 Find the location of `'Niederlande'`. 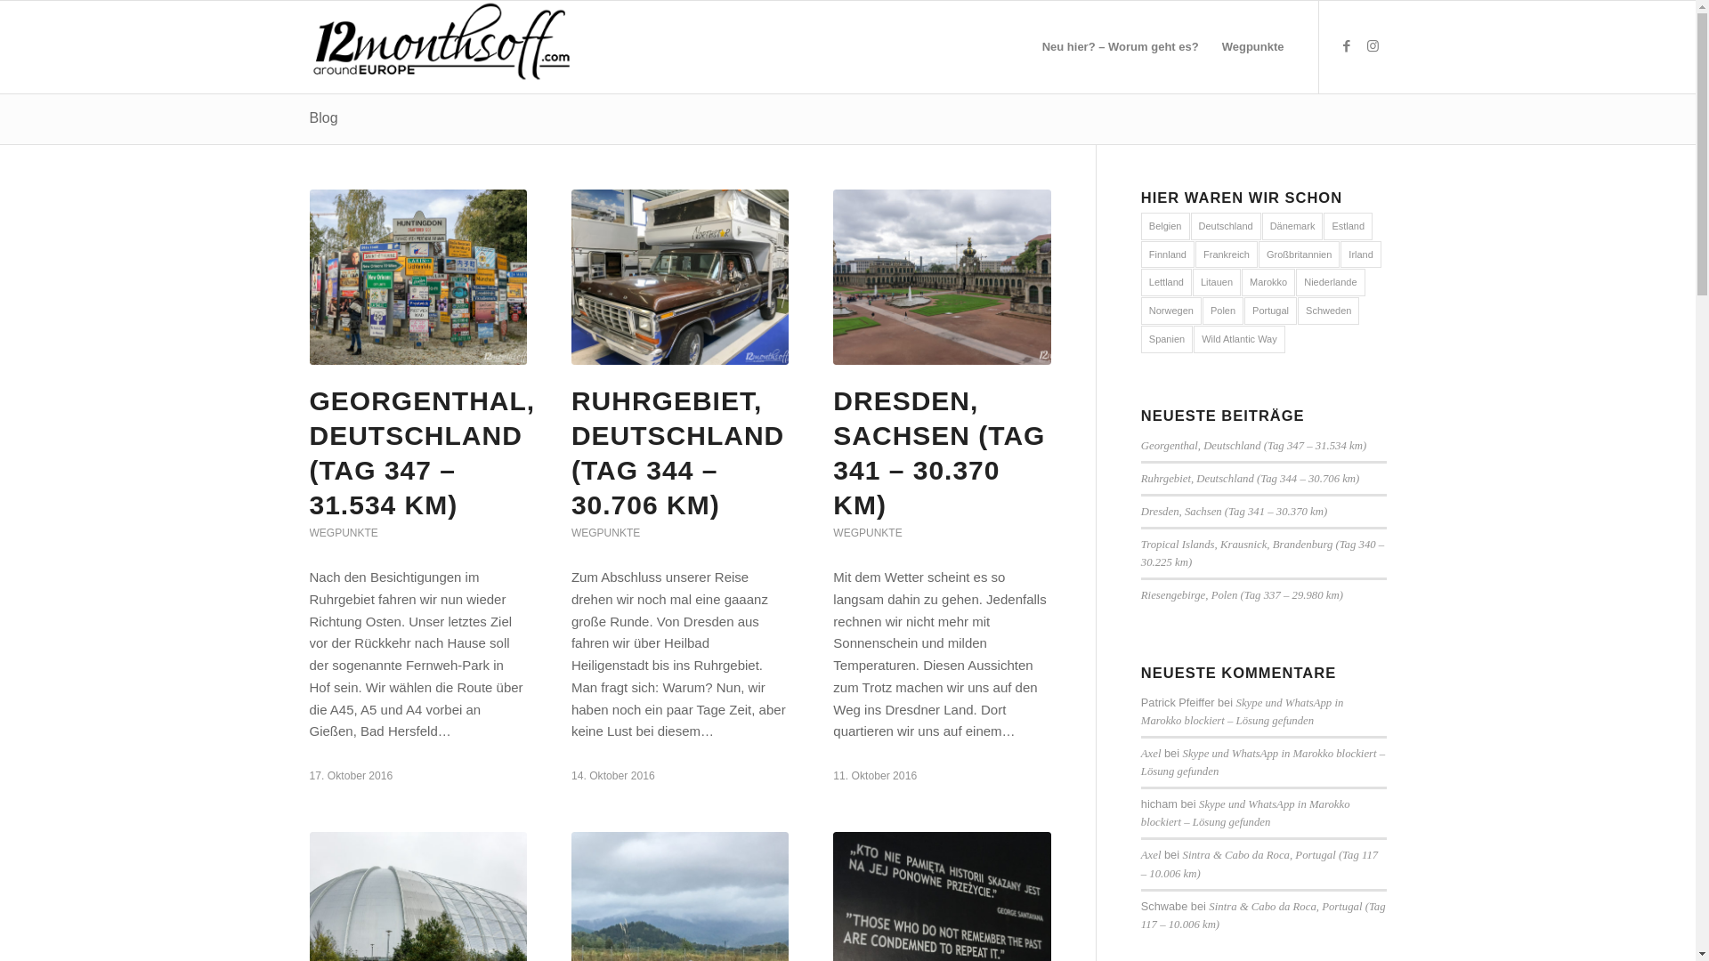

'Niederlande' is located at coordinates (1330, 281).